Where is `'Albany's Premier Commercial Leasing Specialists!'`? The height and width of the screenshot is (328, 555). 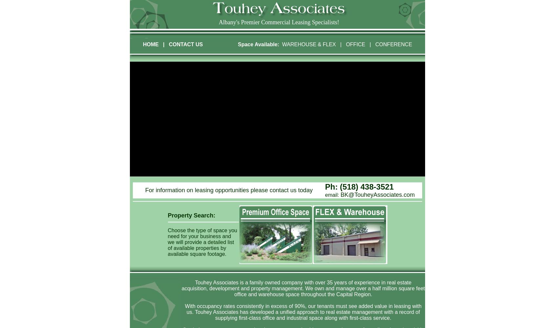
'Albany's Premier Commercial Leasing Specialists!' is located at coordinates (278, 22).